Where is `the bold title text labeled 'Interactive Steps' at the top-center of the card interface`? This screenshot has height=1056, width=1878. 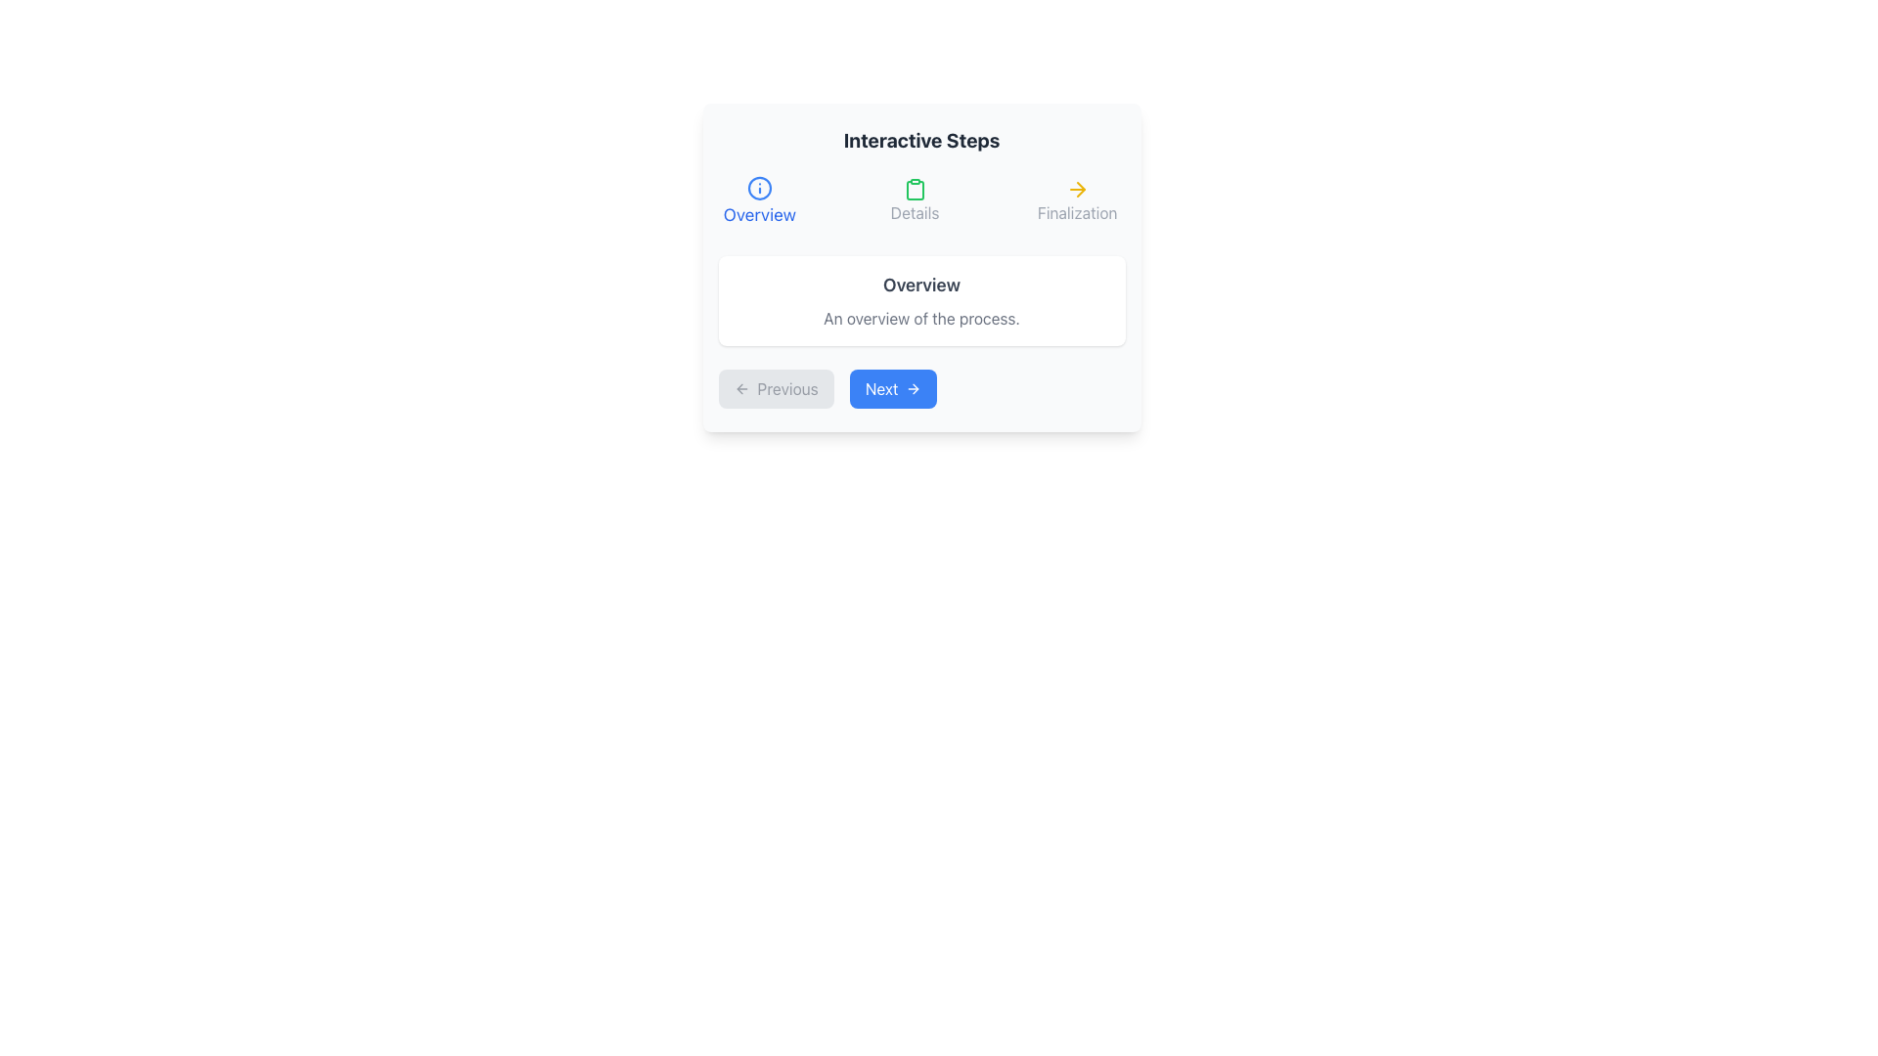
the bold title text labeled 'Interactive Steps' at the top-center of the card interface is located at coordinates (920, 139).